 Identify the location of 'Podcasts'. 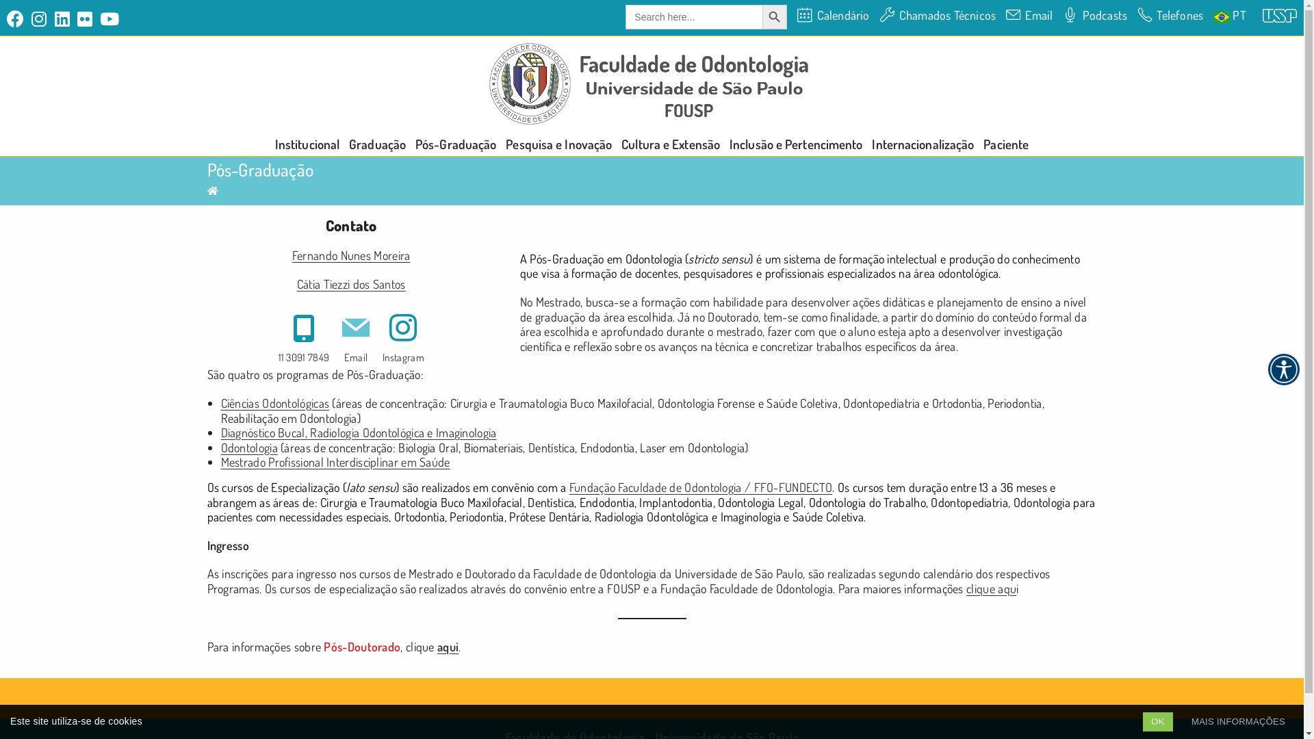
(1062, 15).